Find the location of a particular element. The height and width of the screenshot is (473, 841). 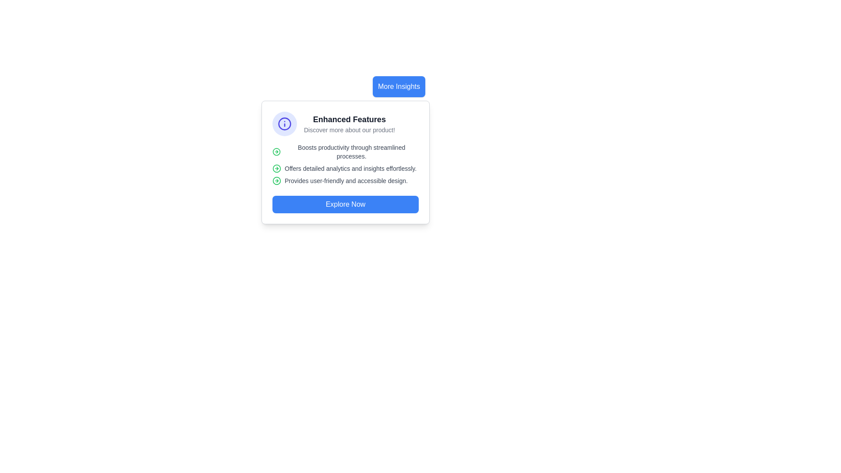

the first icon in the horizontal arrangement that draws attention to the descriptive text 'Boosts productivity through streamlined processes.' is located at coordinates (276, 152).